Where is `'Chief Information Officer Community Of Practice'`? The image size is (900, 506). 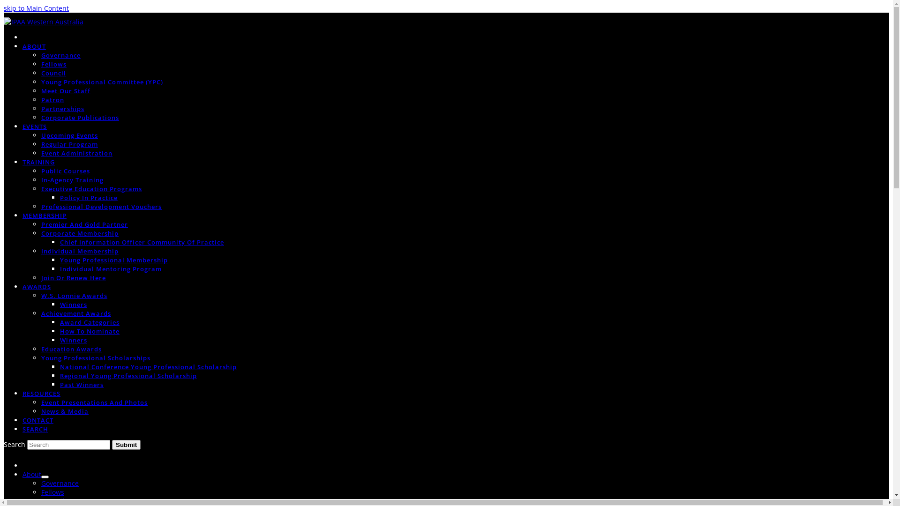
'Chief Information Officer Community Of Practice' is located at coordinates (141, 241).